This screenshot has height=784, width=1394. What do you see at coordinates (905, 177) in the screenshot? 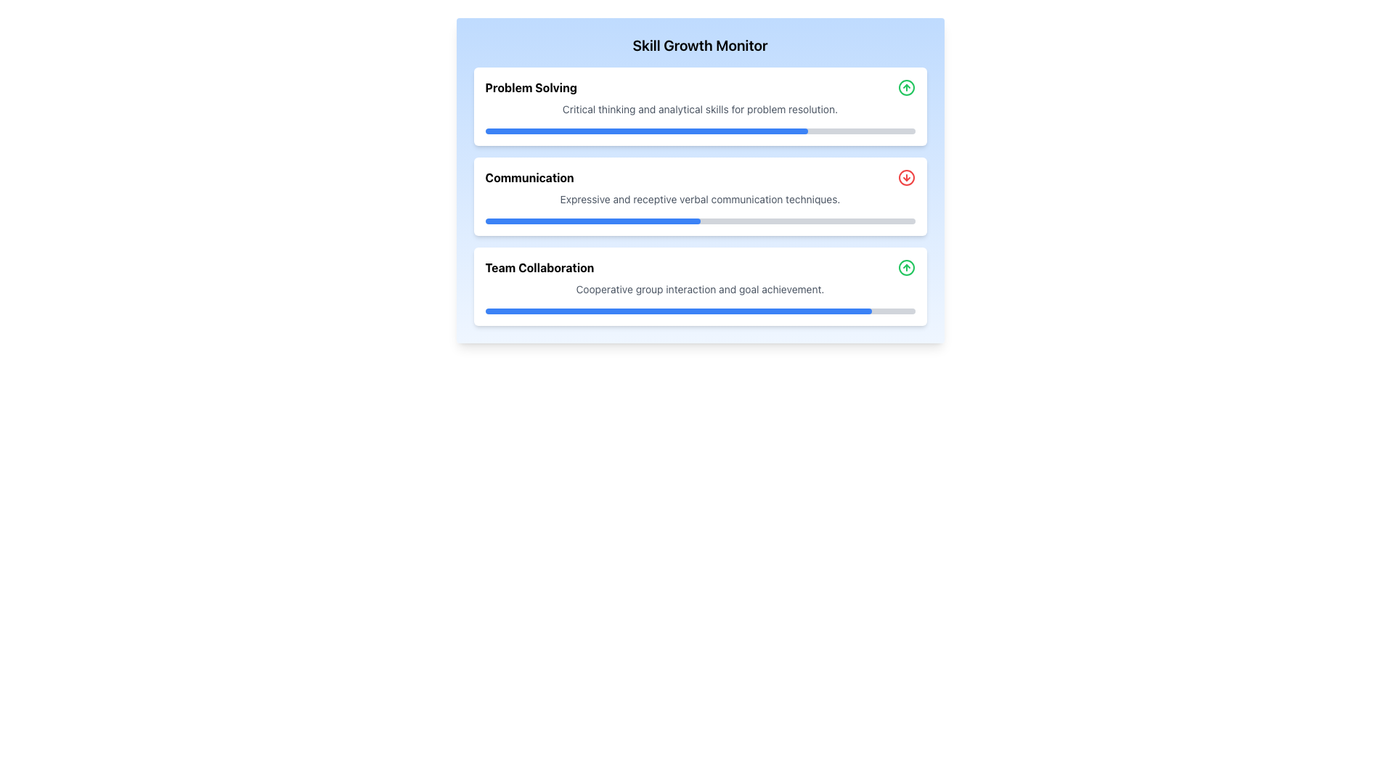
I see `the status indicator icon related to 'Communication' to interact with its functionality, if available` at bounding box center [905, 177].